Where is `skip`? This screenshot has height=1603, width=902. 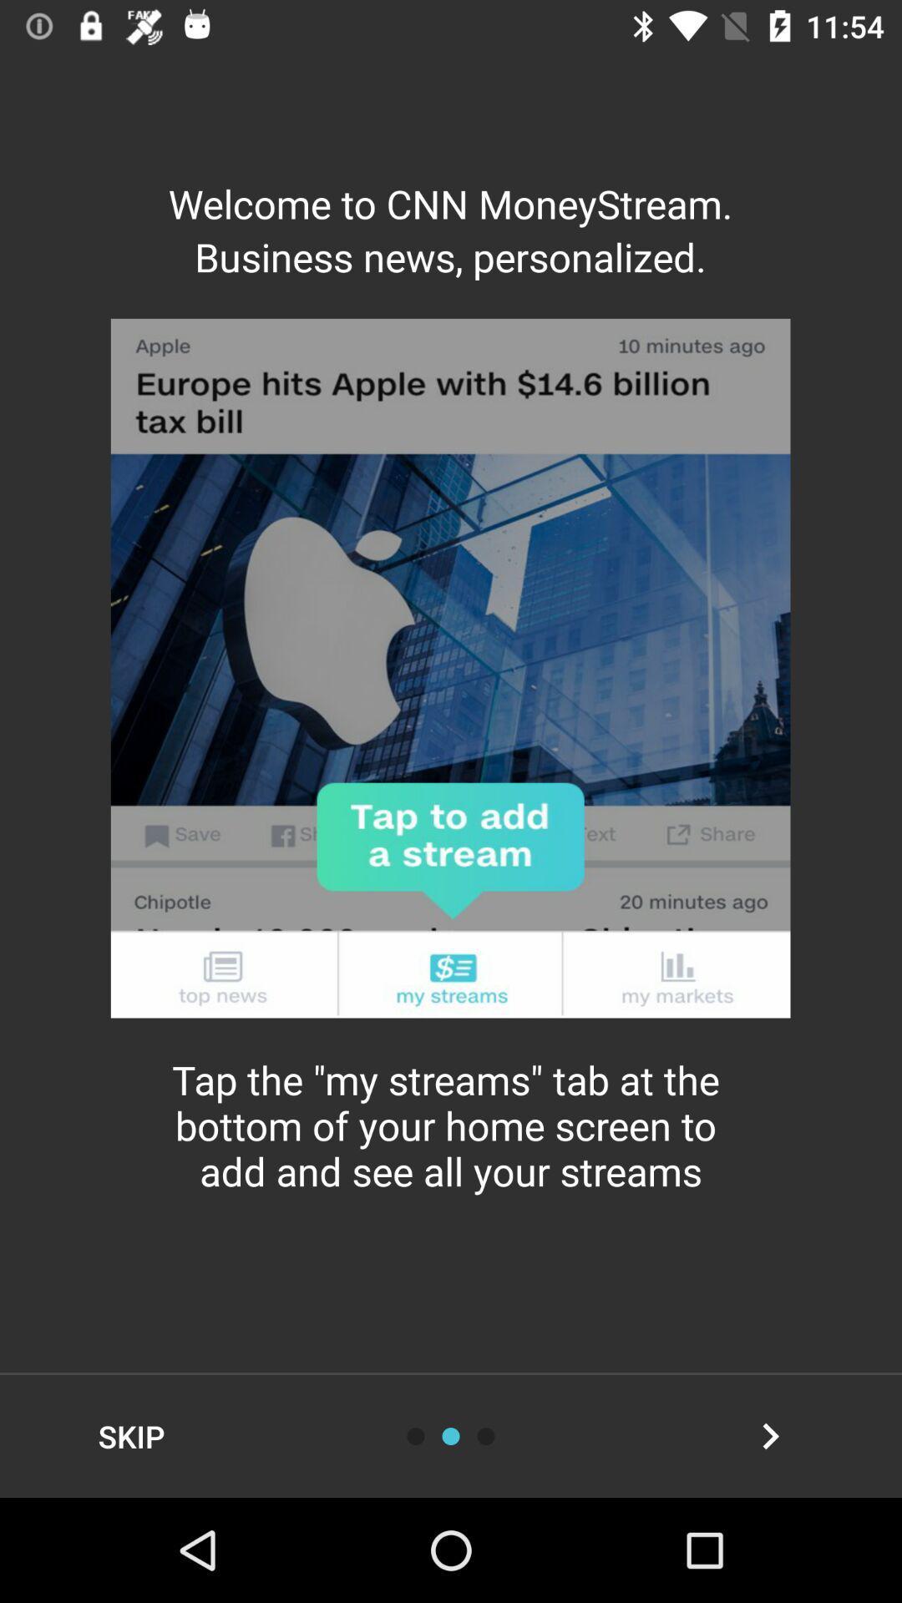
skip is located at coordinates (130, 1435).